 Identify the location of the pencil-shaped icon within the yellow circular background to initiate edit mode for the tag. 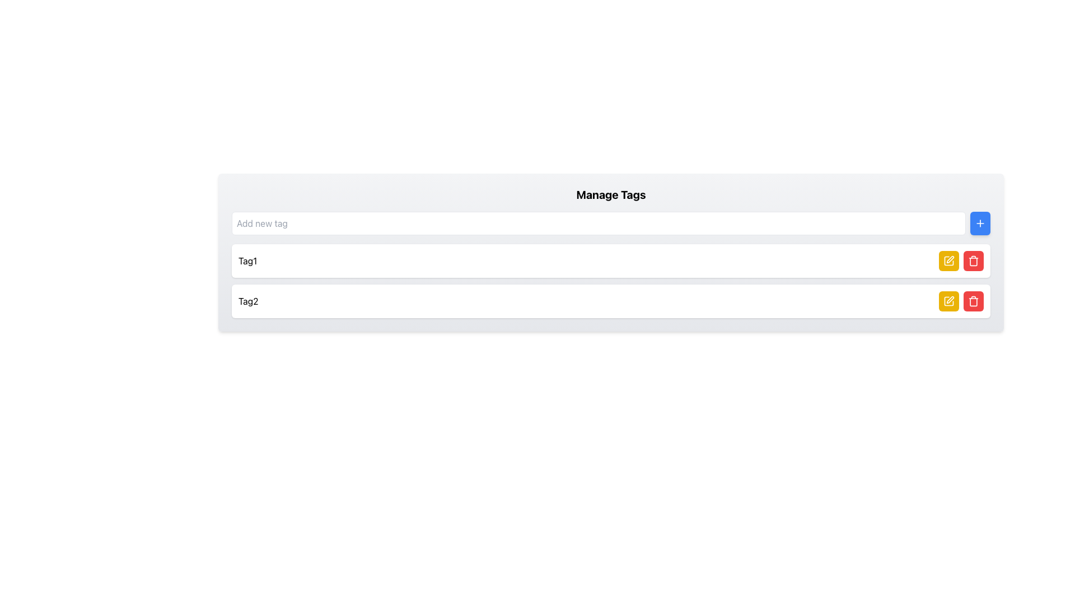
(948, 300).